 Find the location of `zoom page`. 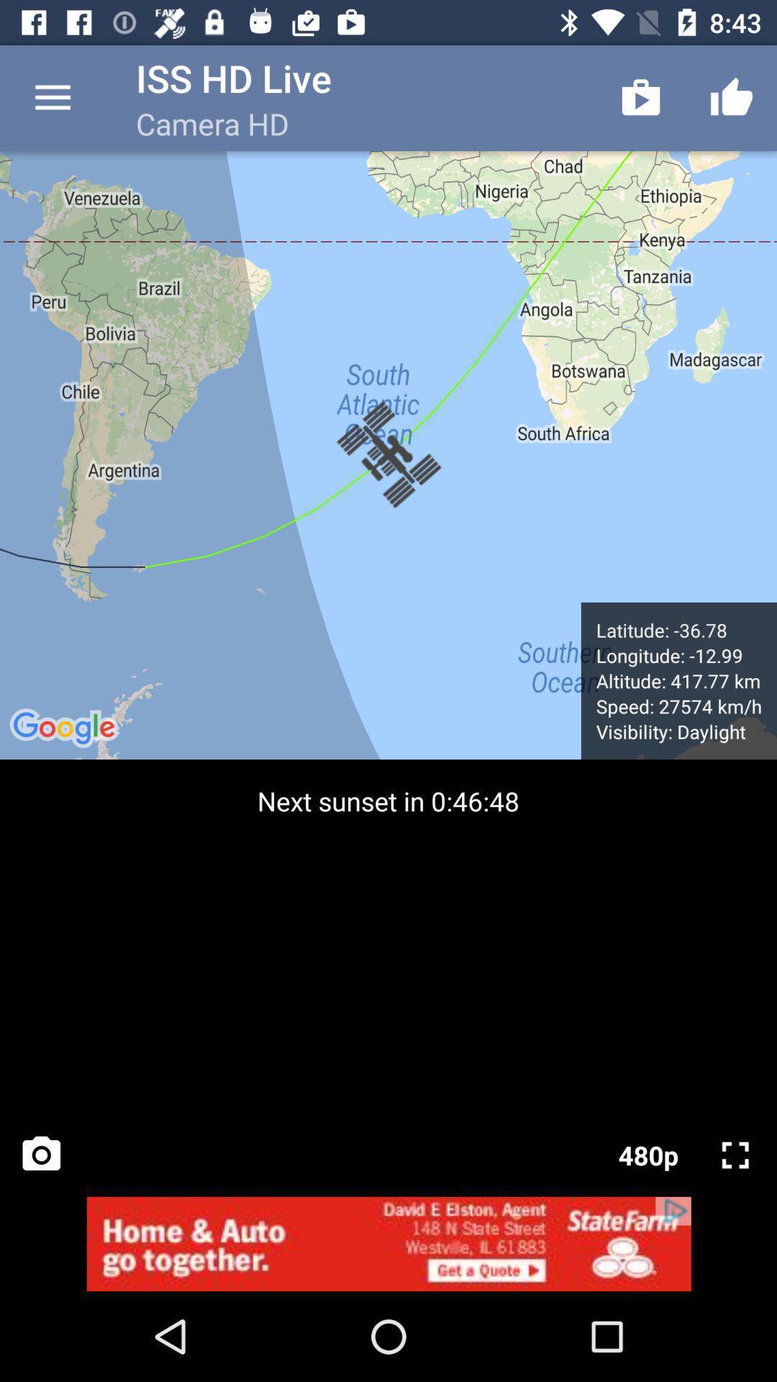

zoom page is located at coordinates (735, 1155).